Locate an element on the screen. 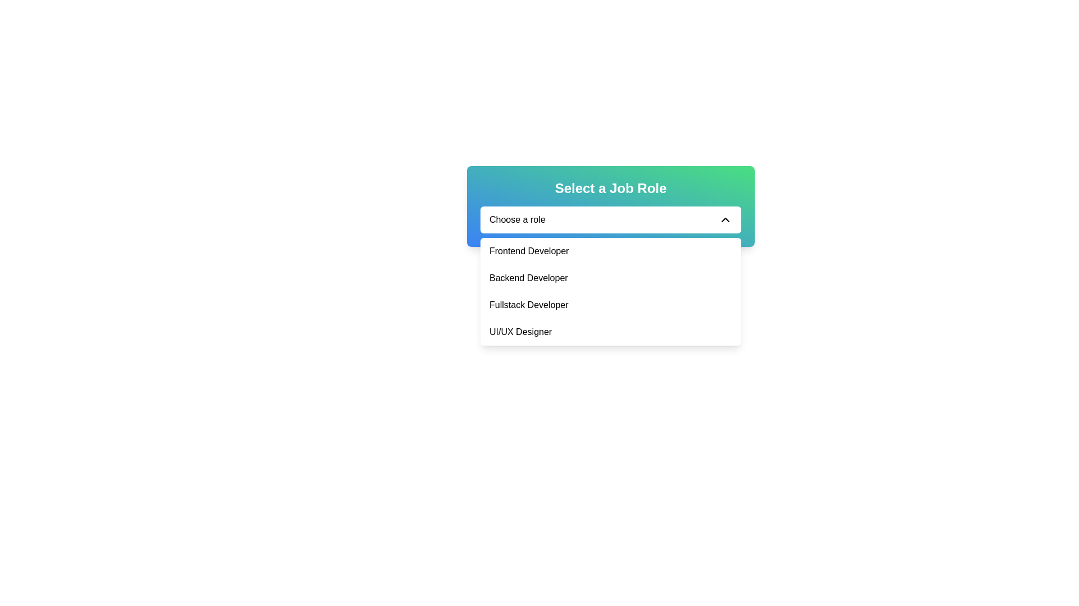  the 'Frontend Developer' option in the dropdown menu is located at coordinates (610, 250).